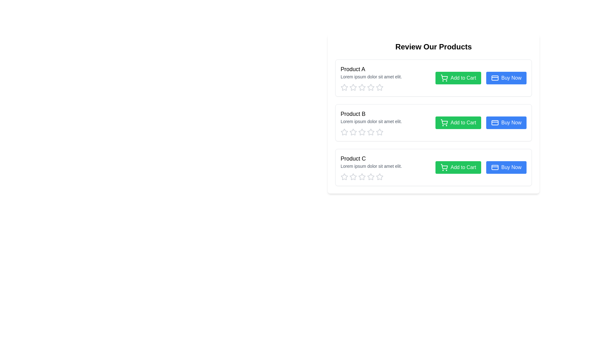 This screenshot has height=340, width=605. I want to click on the first star in the star rating icon for 'Product A' under the 'Review Our Products' section, so click(344, 87).